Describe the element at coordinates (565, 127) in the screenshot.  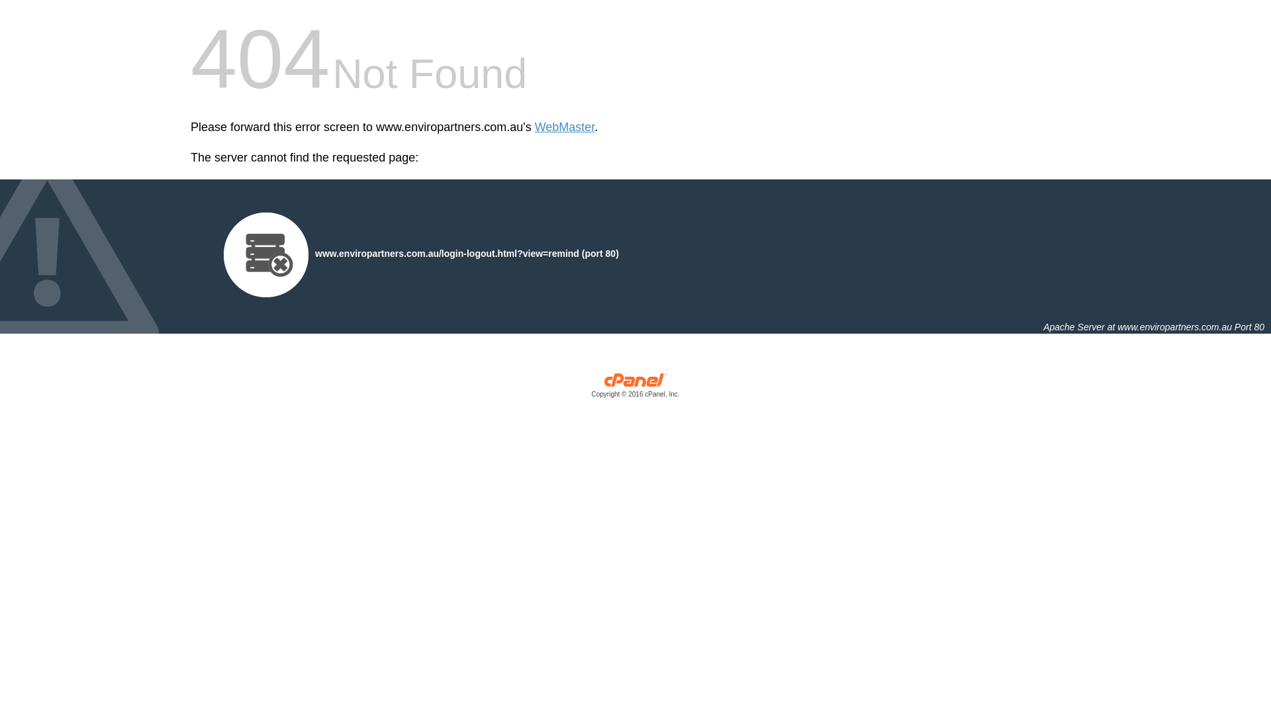
I see `'WebMaster'` at that location.